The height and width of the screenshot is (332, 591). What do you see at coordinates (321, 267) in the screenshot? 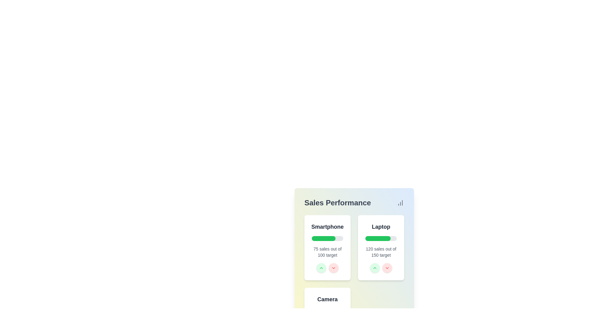
I see `the first button in the horizontally aligned pair on the 'Sales Performance' card interface` at bounding box center [321, 267].